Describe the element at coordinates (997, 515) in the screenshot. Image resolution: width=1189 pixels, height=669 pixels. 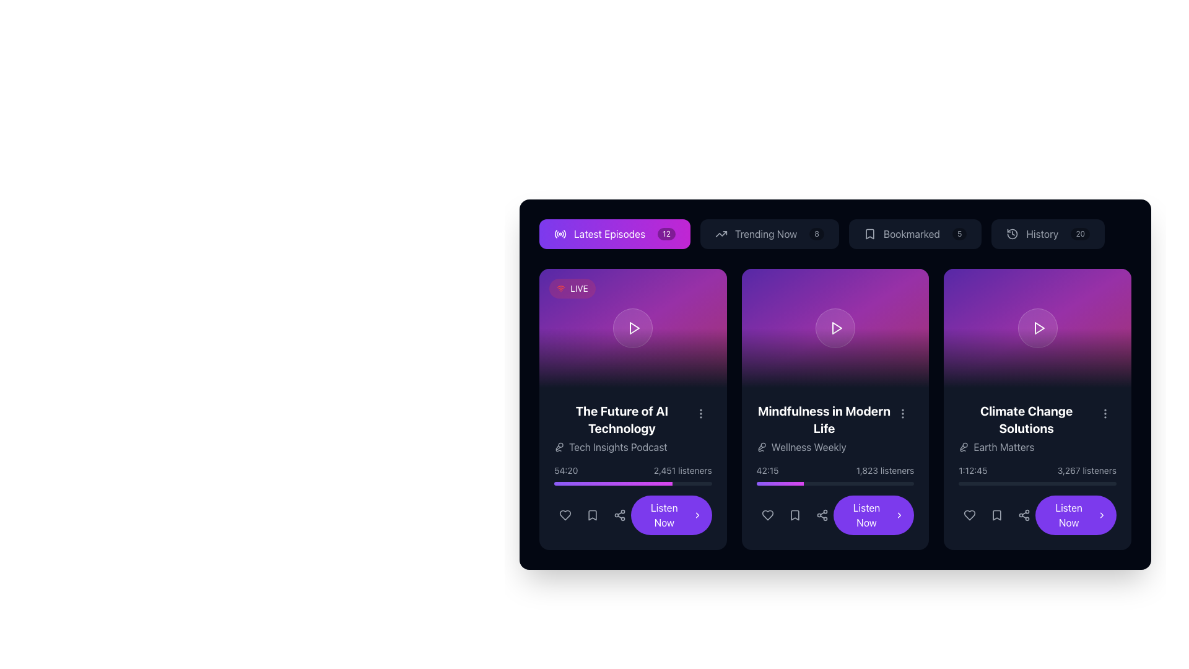
I see `the bookmark icon button located in the bottom section of the rightmost card labeled 'Climate Change Solutions'` at that location.